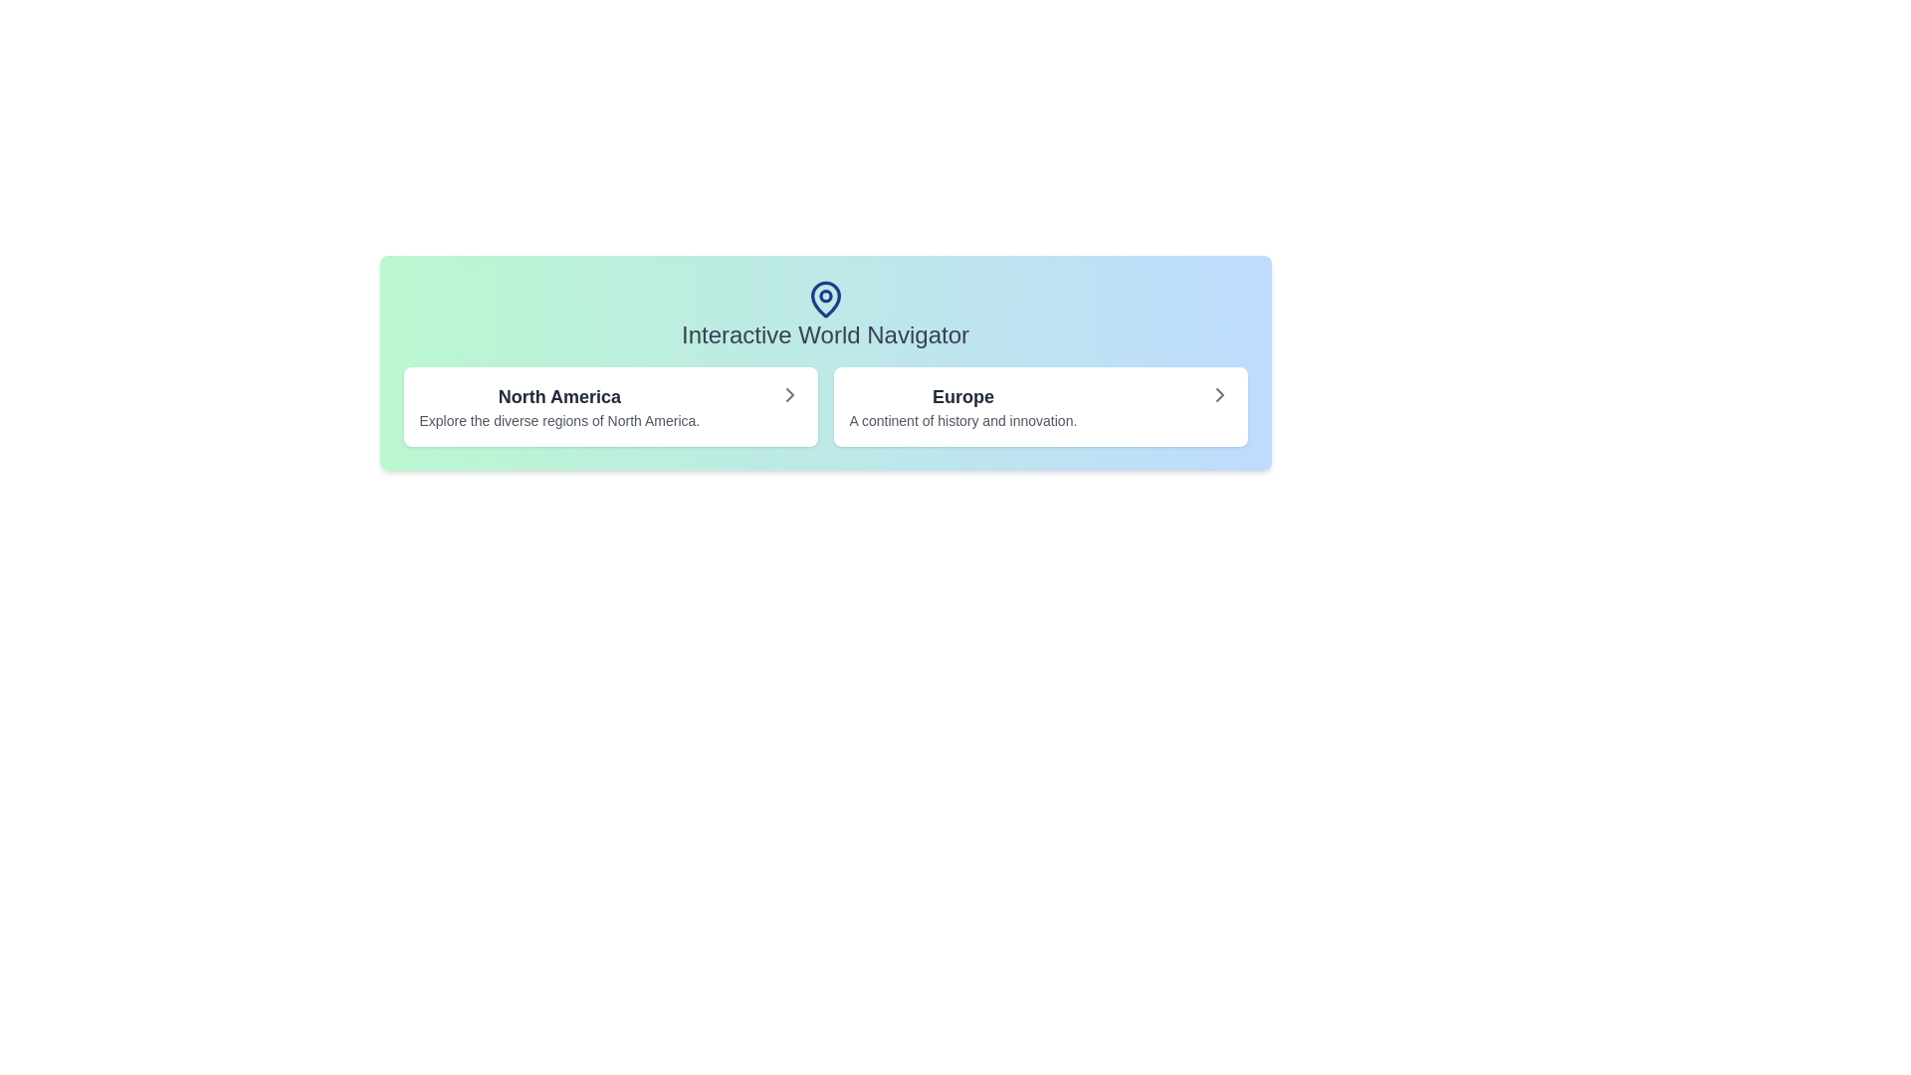  Describe the element at coordinates (558, 420) in the screenshot. I see `the static text component that reads 'Explore the diverse regions of North America', located below the heading 'North America' in a card layout` at that location.